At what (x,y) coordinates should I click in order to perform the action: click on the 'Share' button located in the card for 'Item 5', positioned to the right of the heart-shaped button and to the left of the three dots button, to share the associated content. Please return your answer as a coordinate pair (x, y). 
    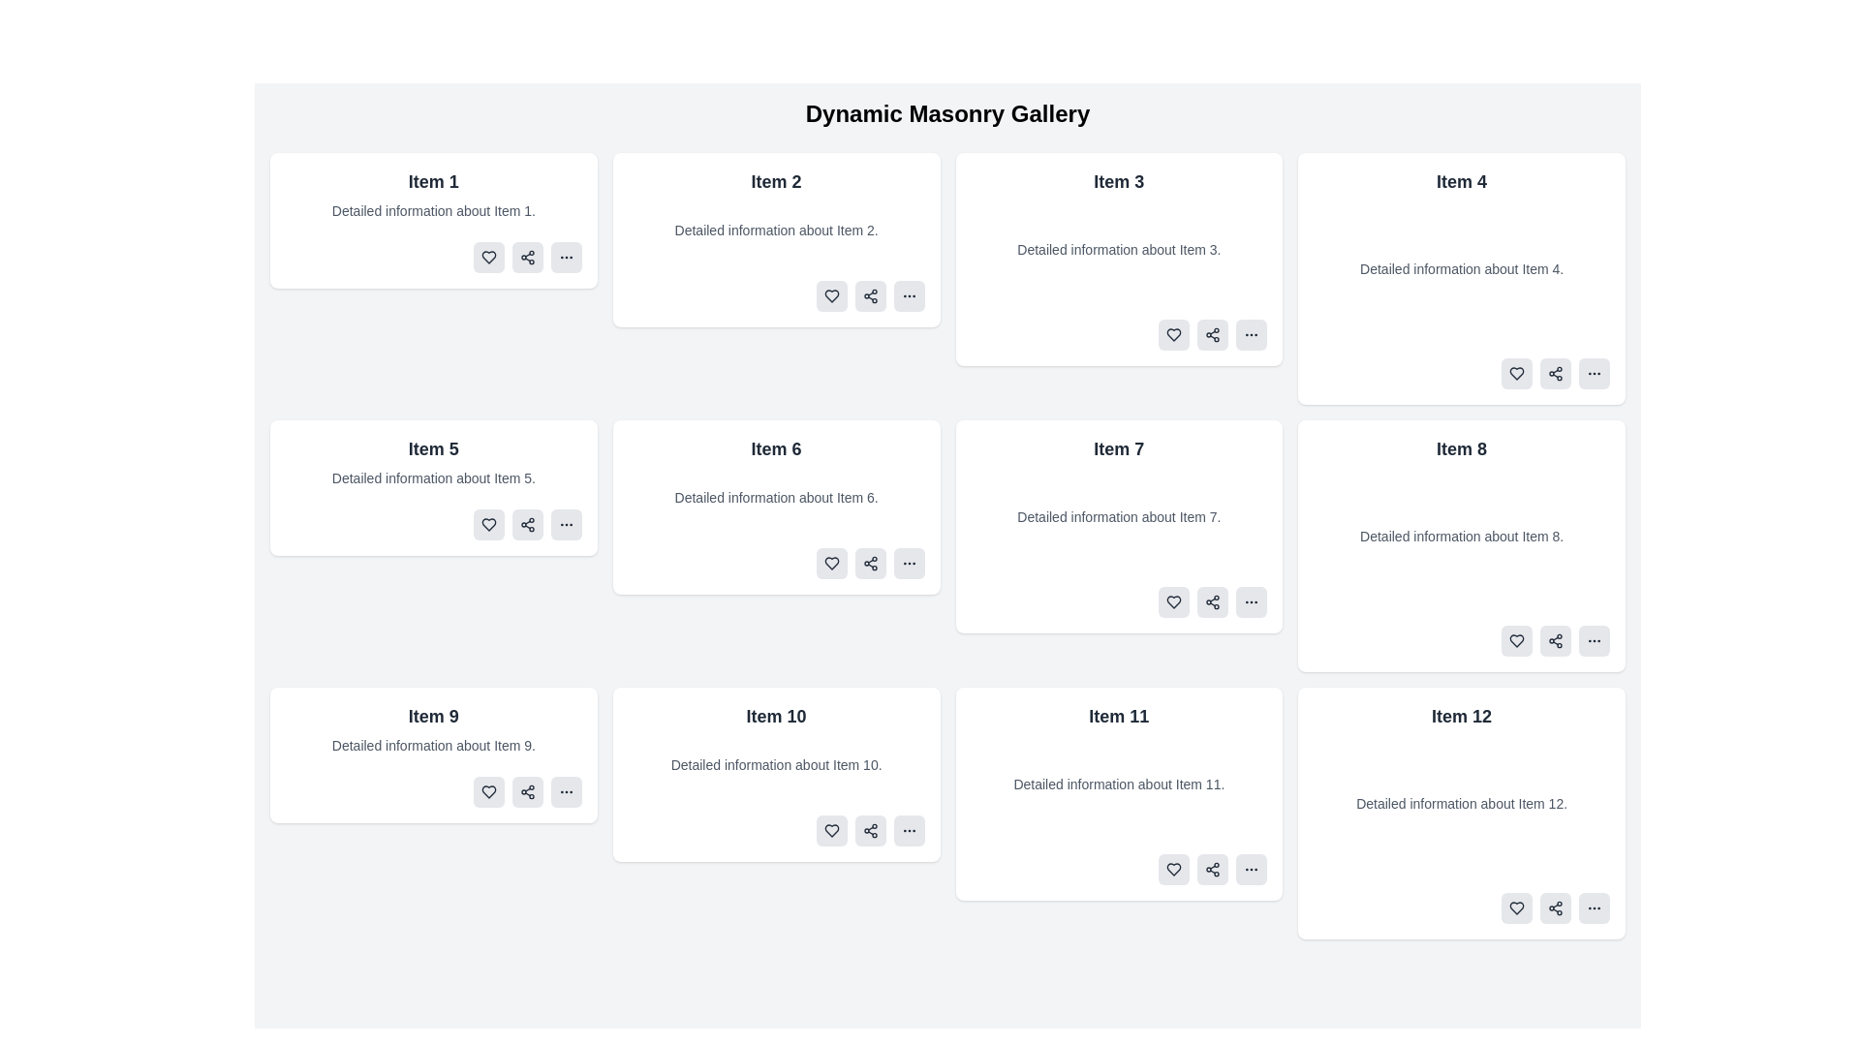
    Looking at the image, I should click on (527, 525).